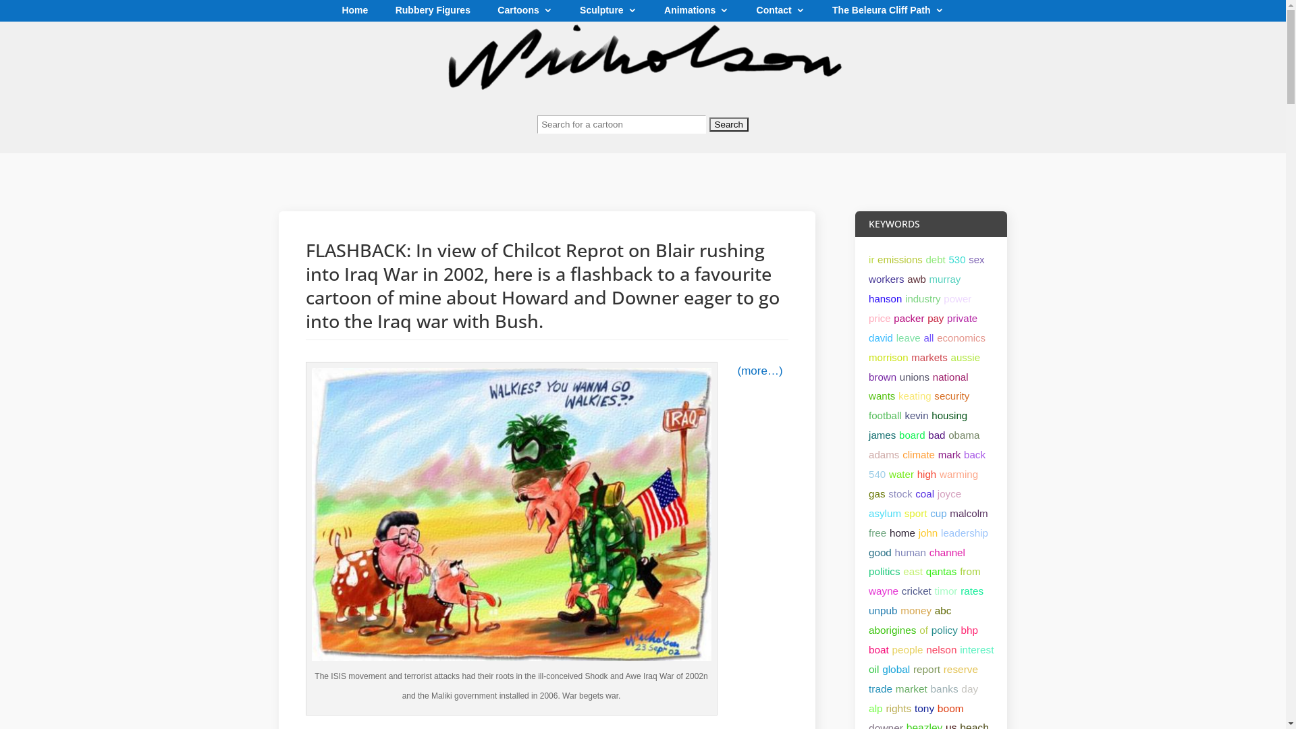 This screenshot has width=1296, height=729. I want to click on 'kevin', so click(916, 414).